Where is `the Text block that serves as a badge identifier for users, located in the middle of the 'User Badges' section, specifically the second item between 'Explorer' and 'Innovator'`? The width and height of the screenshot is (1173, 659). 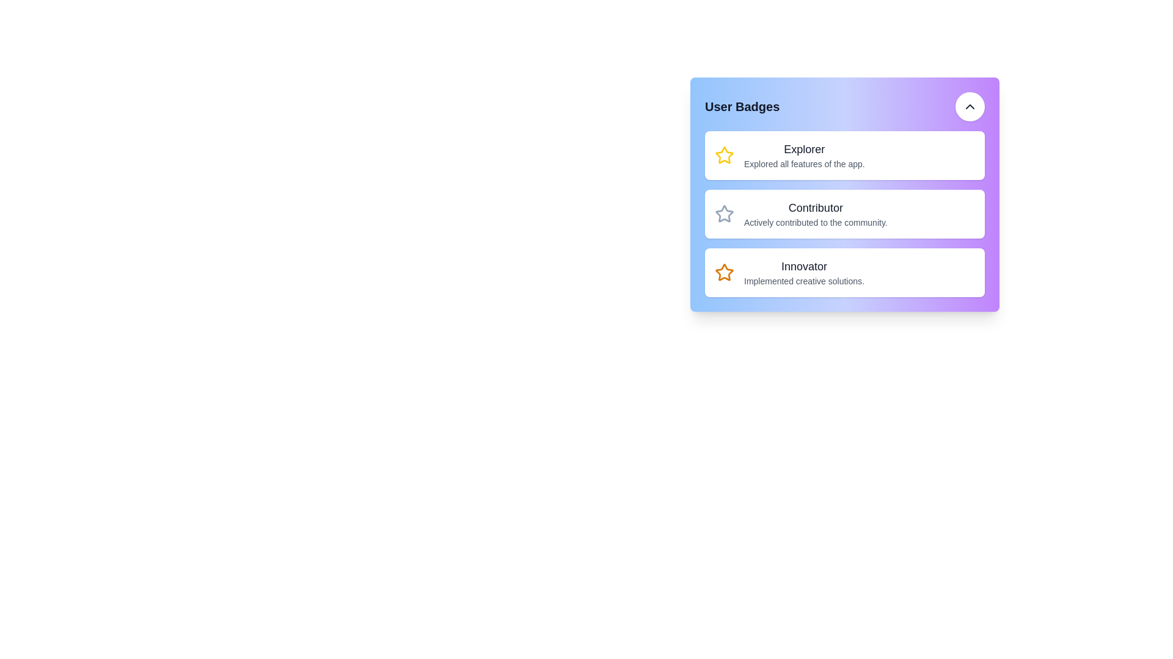 the Text block that serves as a badge identifier for users, located in the middle of the 'User Badges' section, specifically the second item between 'Explorer' and 'Innovator' is located at coordinates (816, 214).